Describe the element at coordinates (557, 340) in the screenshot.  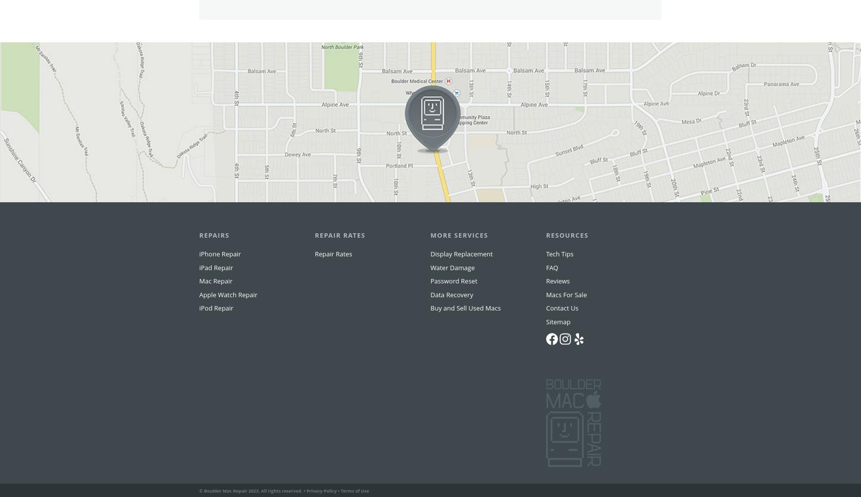
I see `'Sitemap'` at that location.